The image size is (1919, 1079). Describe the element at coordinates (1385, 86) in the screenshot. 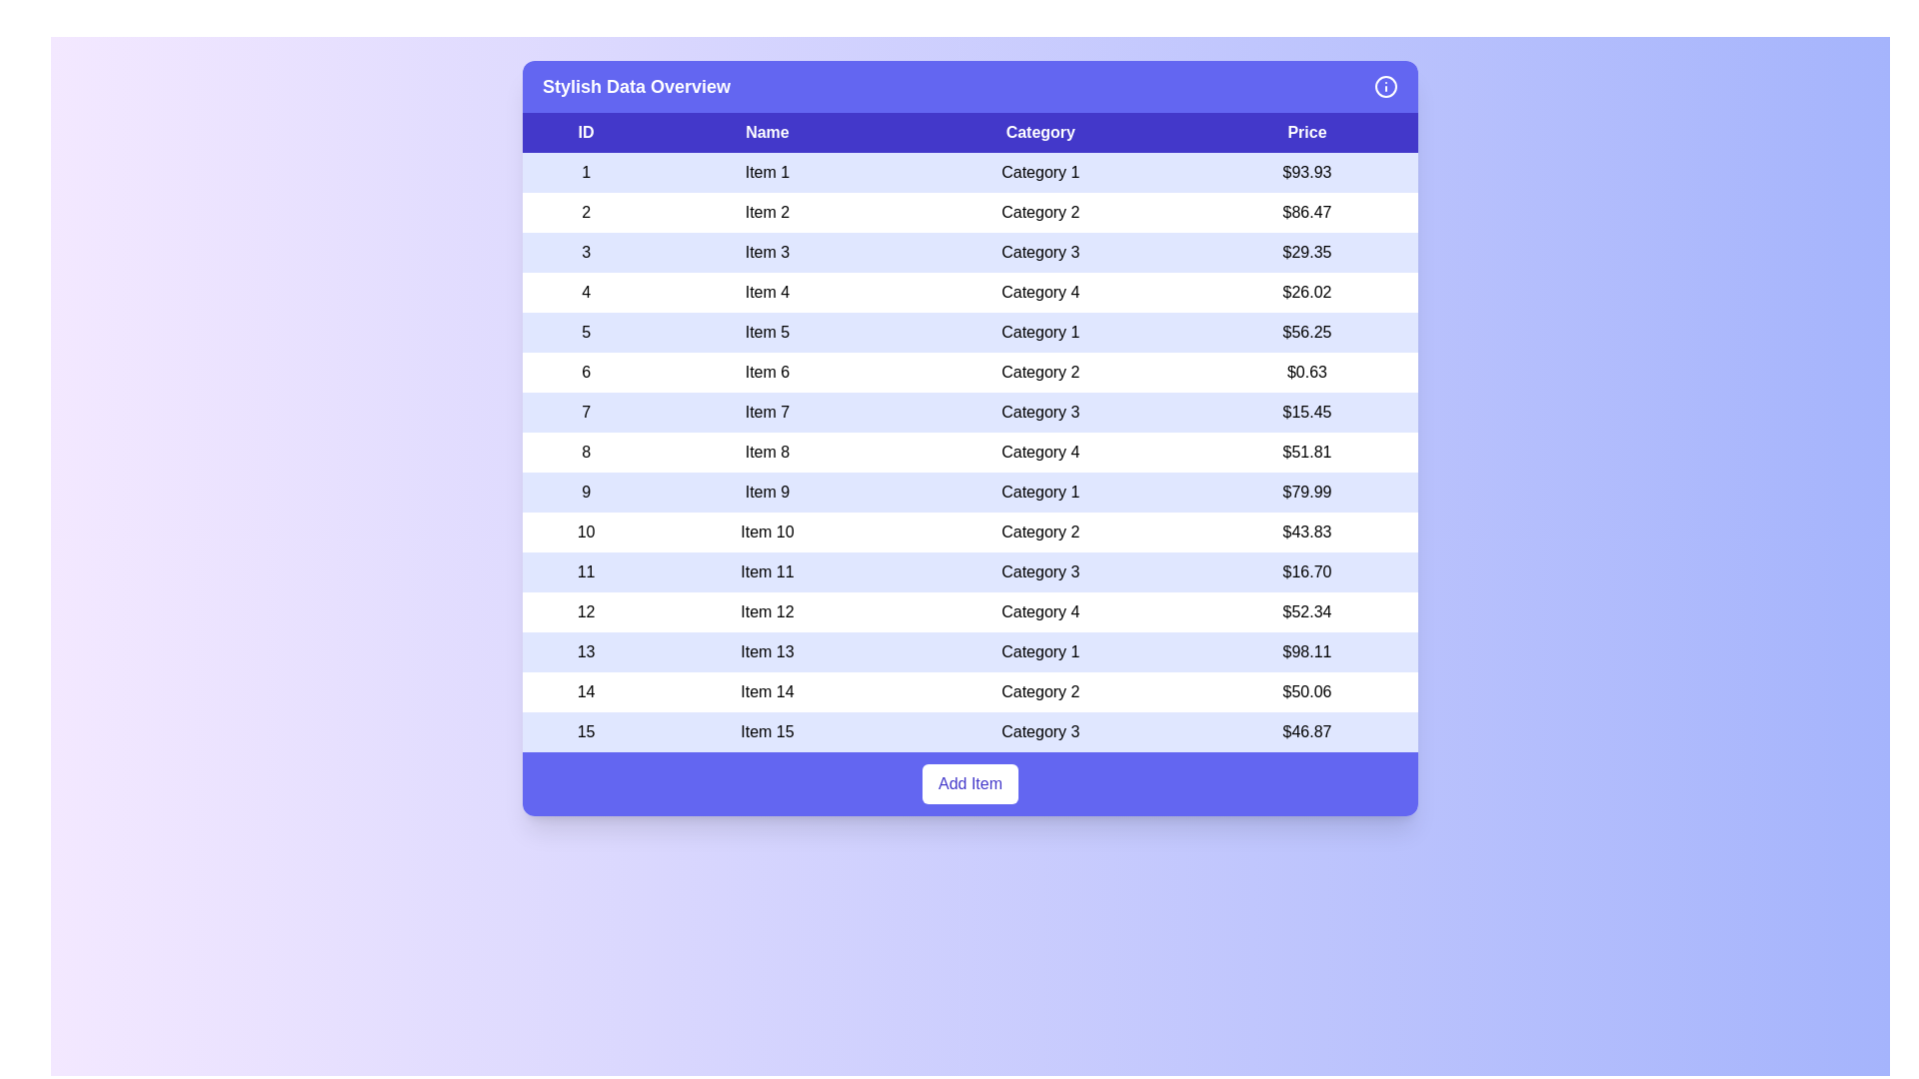

I see `the 'Info' icon in the header` at that location.